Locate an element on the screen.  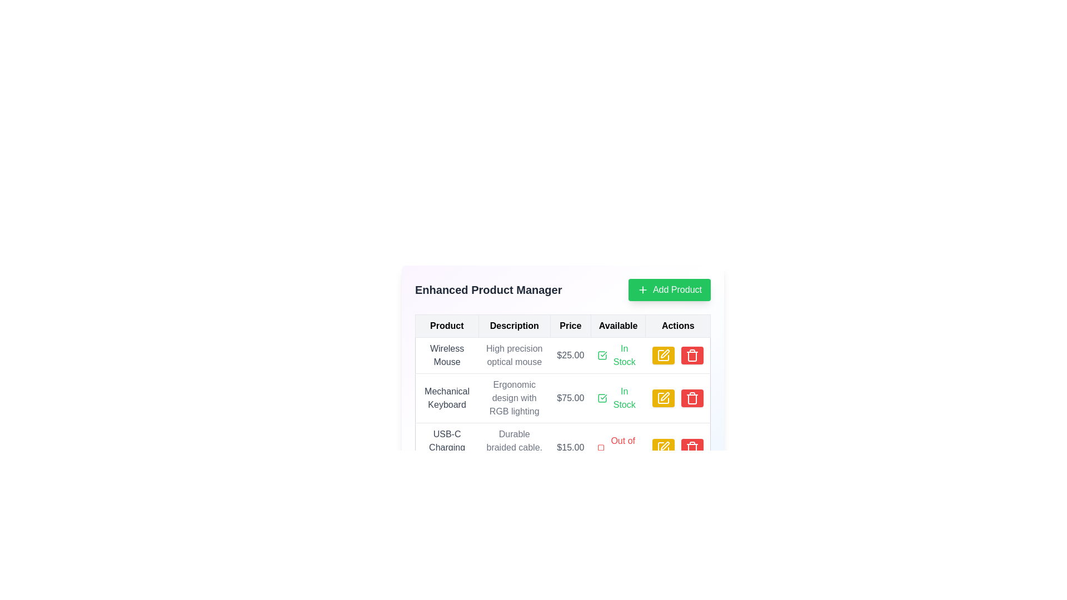
information from the red text label indicating that the product 'USB-C Charging' is not currently available for purchase, located in the 'Available' column of the table is located at coordinates (617, 447).